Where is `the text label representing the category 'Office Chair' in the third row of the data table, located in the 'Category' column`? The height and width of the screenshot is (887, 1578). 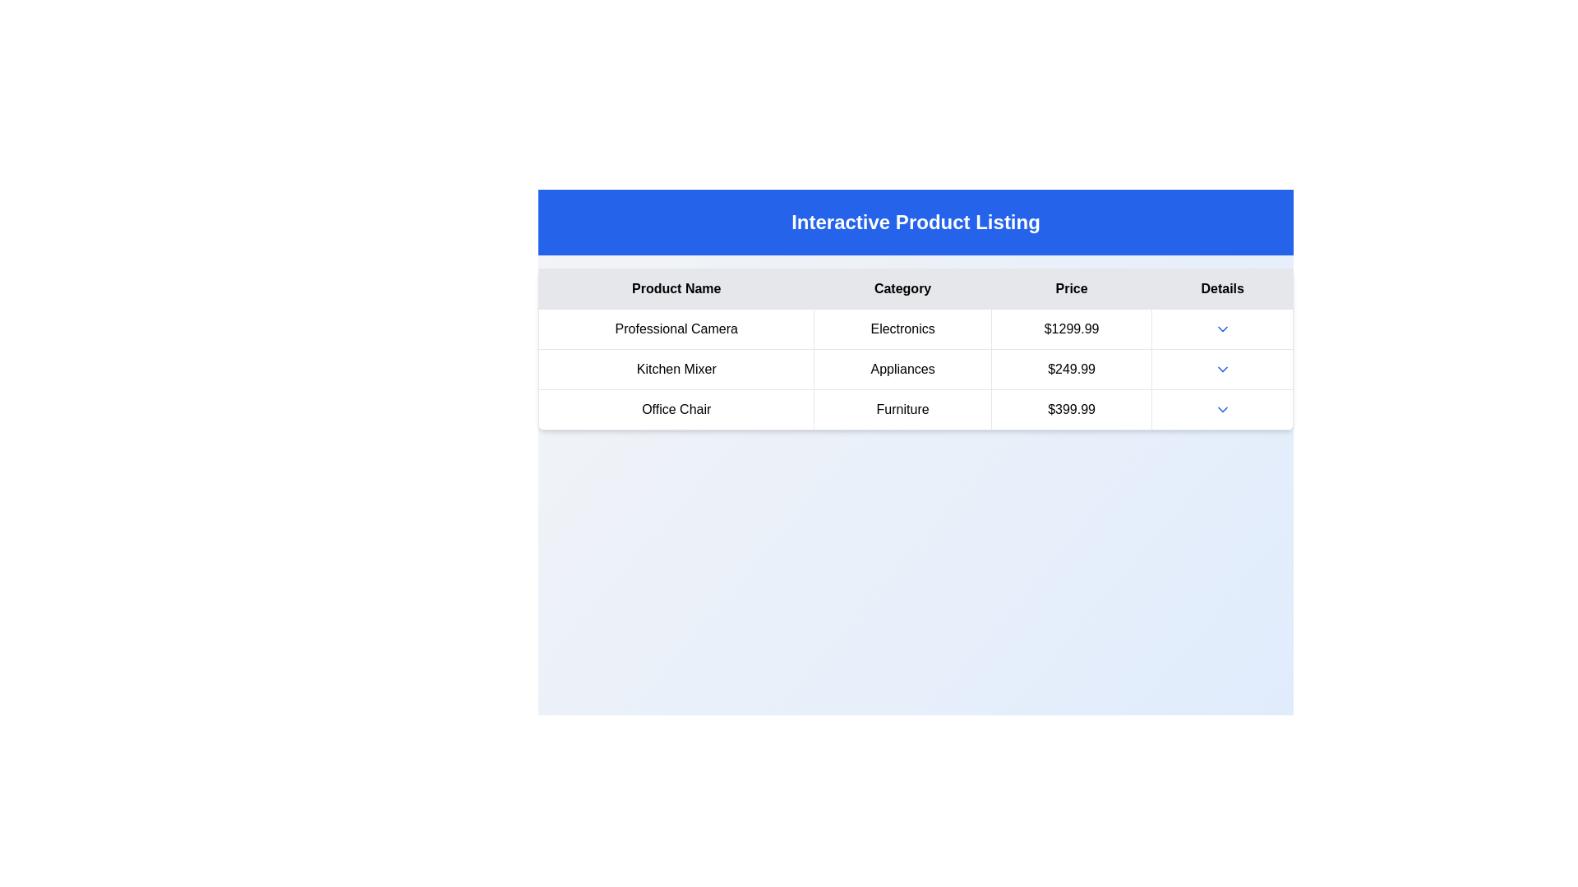 the text label representing the category 'Office Chair' in the third row of the data table, located in the 'Category' column is located at coordinates (902, 408).